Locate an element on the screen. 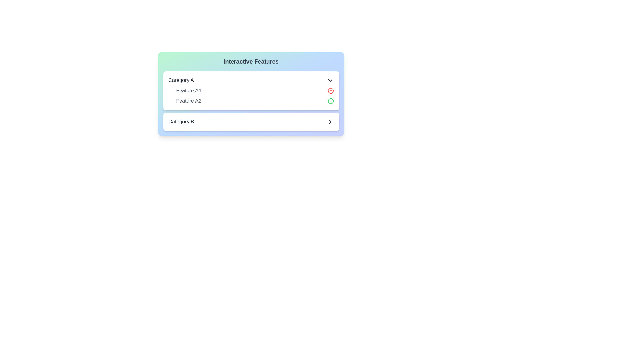 The width and height of the screenshot is (621, 349). the minus icon within the red circular button located in the top-right corner of the 'Feature A1' list item in the 'Category A' section of the 'Interactive Features' UI panel is located at coordinates (331, 91).